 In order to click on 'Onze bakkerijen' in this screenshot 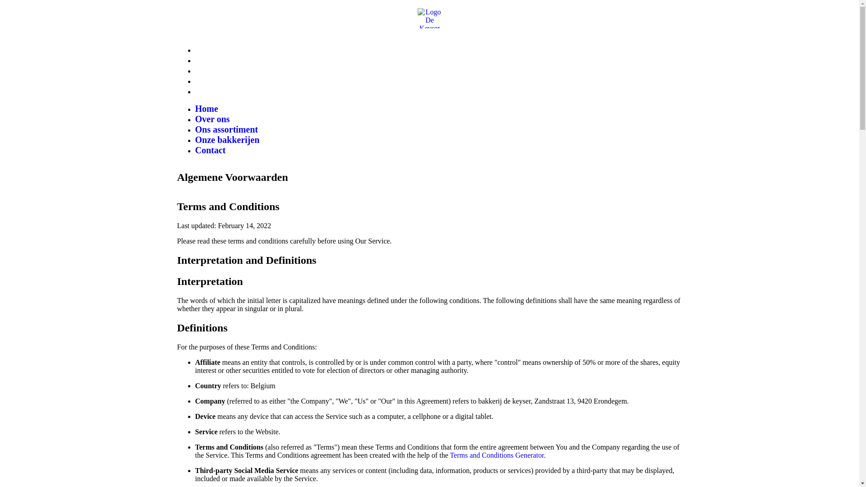, I will do `click(227, 139)`.